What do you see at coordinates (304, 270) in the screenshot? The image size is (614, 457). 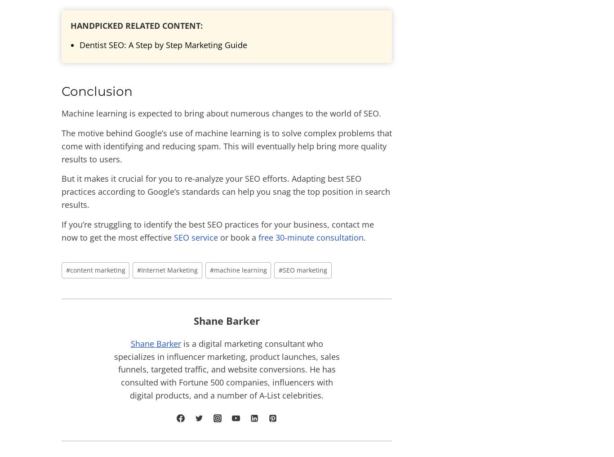 I see `'SEO marketing'` at bounding box center [304, 270].